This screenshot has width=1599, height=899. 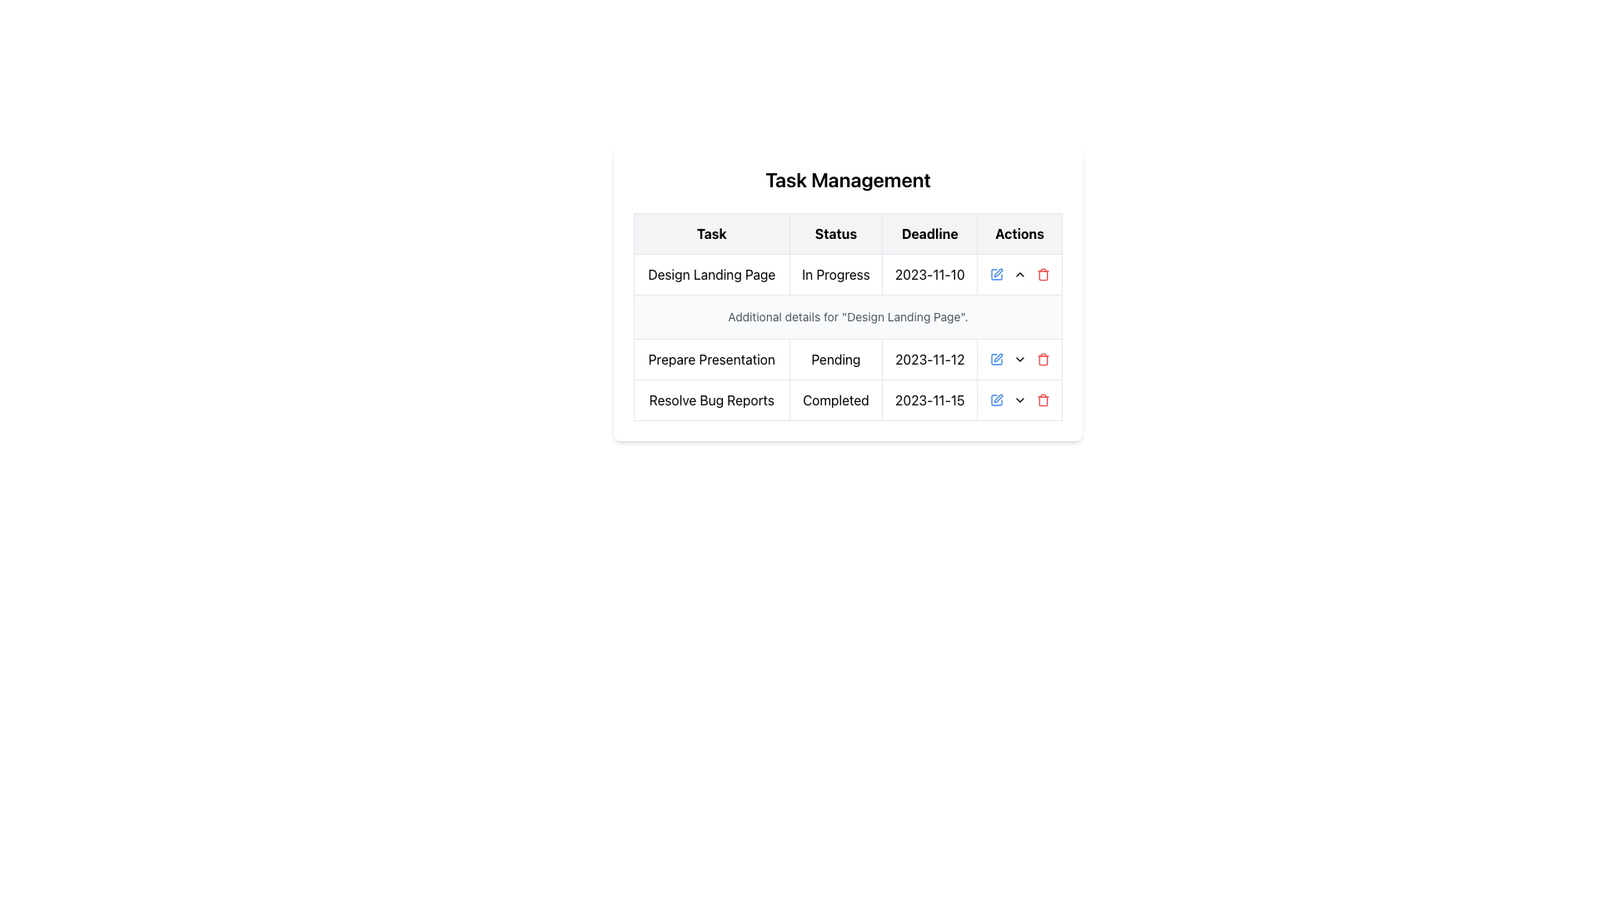 What do you see at coordinates (1042, 360) in the screenshot?
I see `the body of the trash can icon within the SVG illustration located in the 'Actions' column of the task management table for 'Prepare Presentation'` at bounding box center [1042, 360].